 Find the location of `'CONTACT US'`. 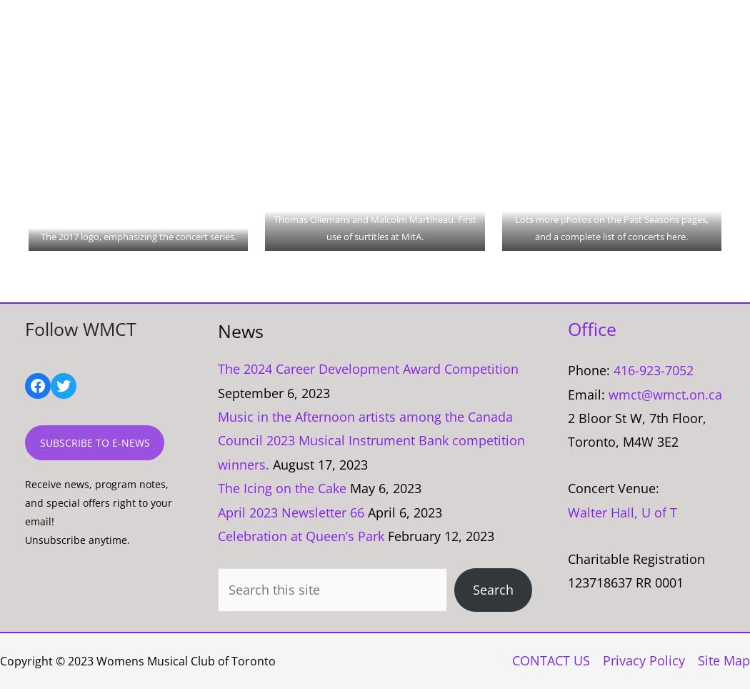

'CONTACT US' is located at coordinates (511, 659).